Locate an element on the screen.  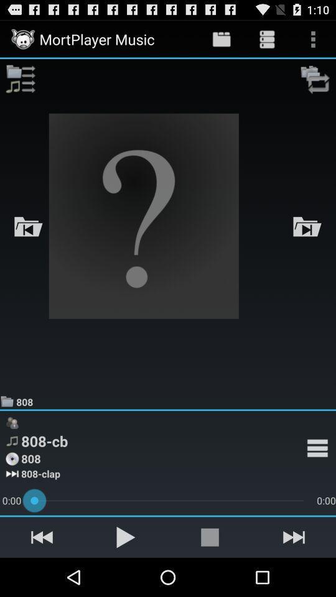
the skip_next icon is located at coordinates (294, 575).